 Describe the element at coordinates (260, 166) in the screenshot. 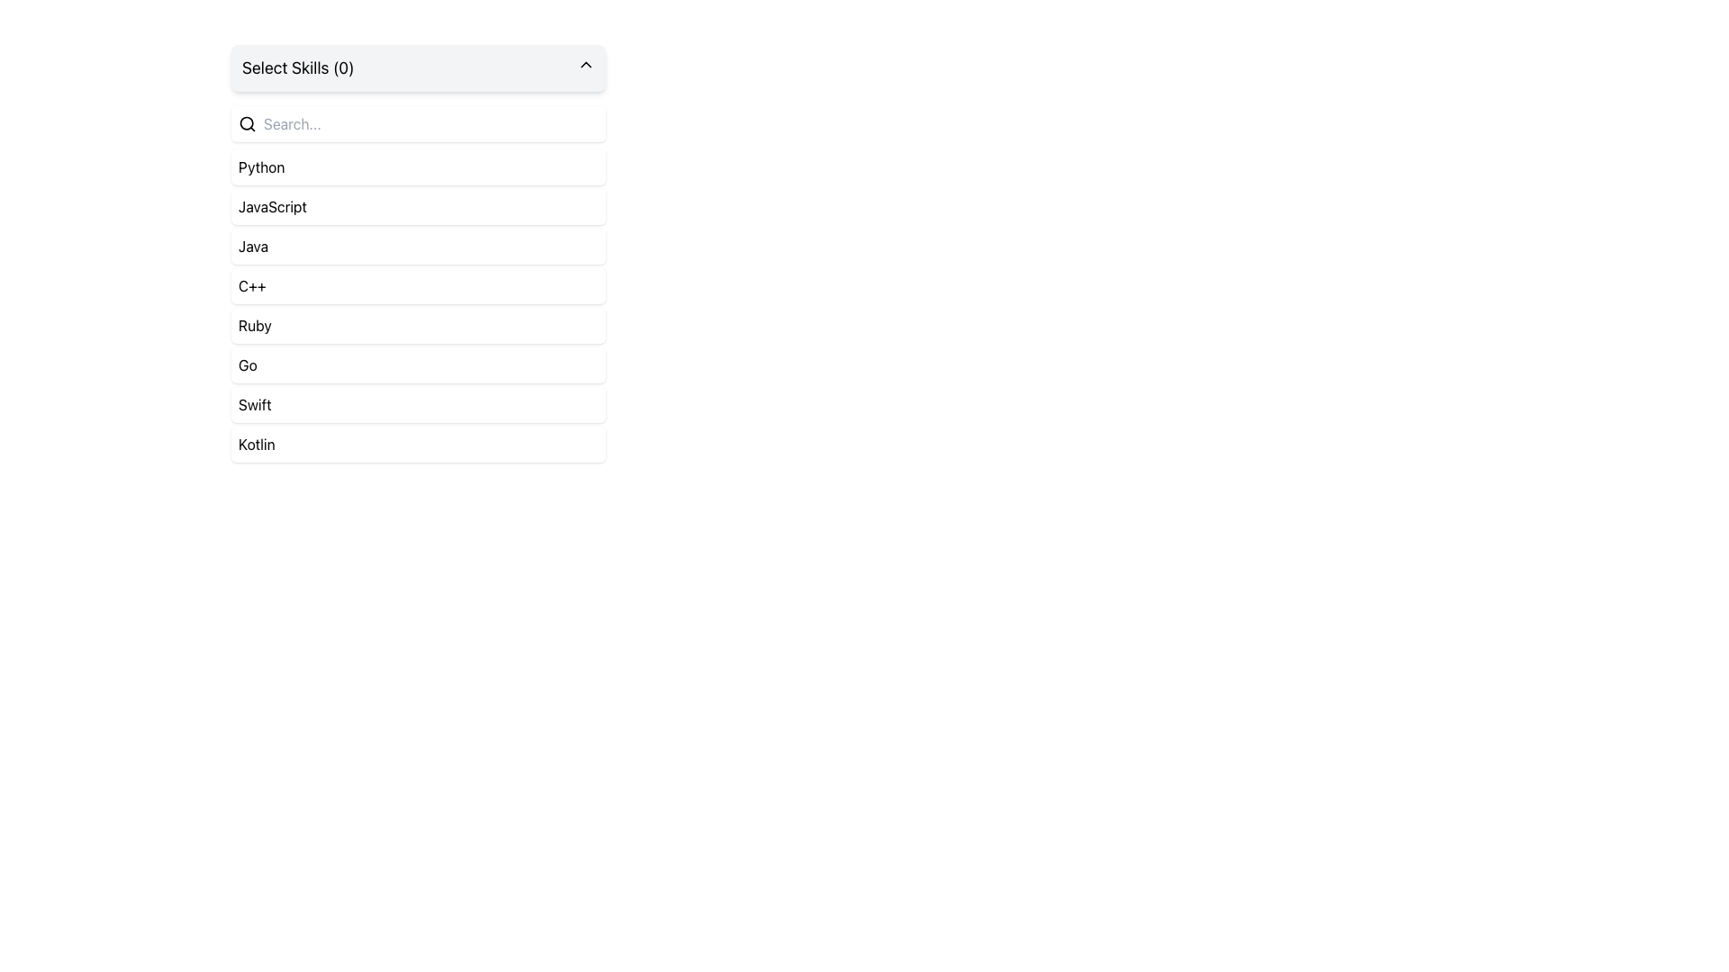

I see `the first selectable skill or category in the dropdown list labeled 'Select Skills (0)'` at that location.